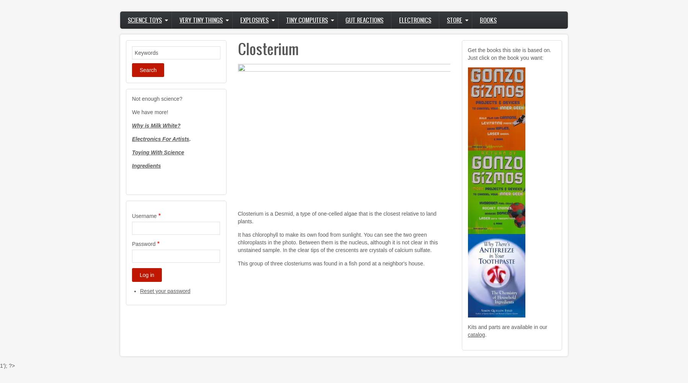 The width and height of the screenshot is (688, 383). What do you see at coordinates (155, 125) in the screenshot?
I see `'Why is Milk White?'` at bounding box center [155, 125].